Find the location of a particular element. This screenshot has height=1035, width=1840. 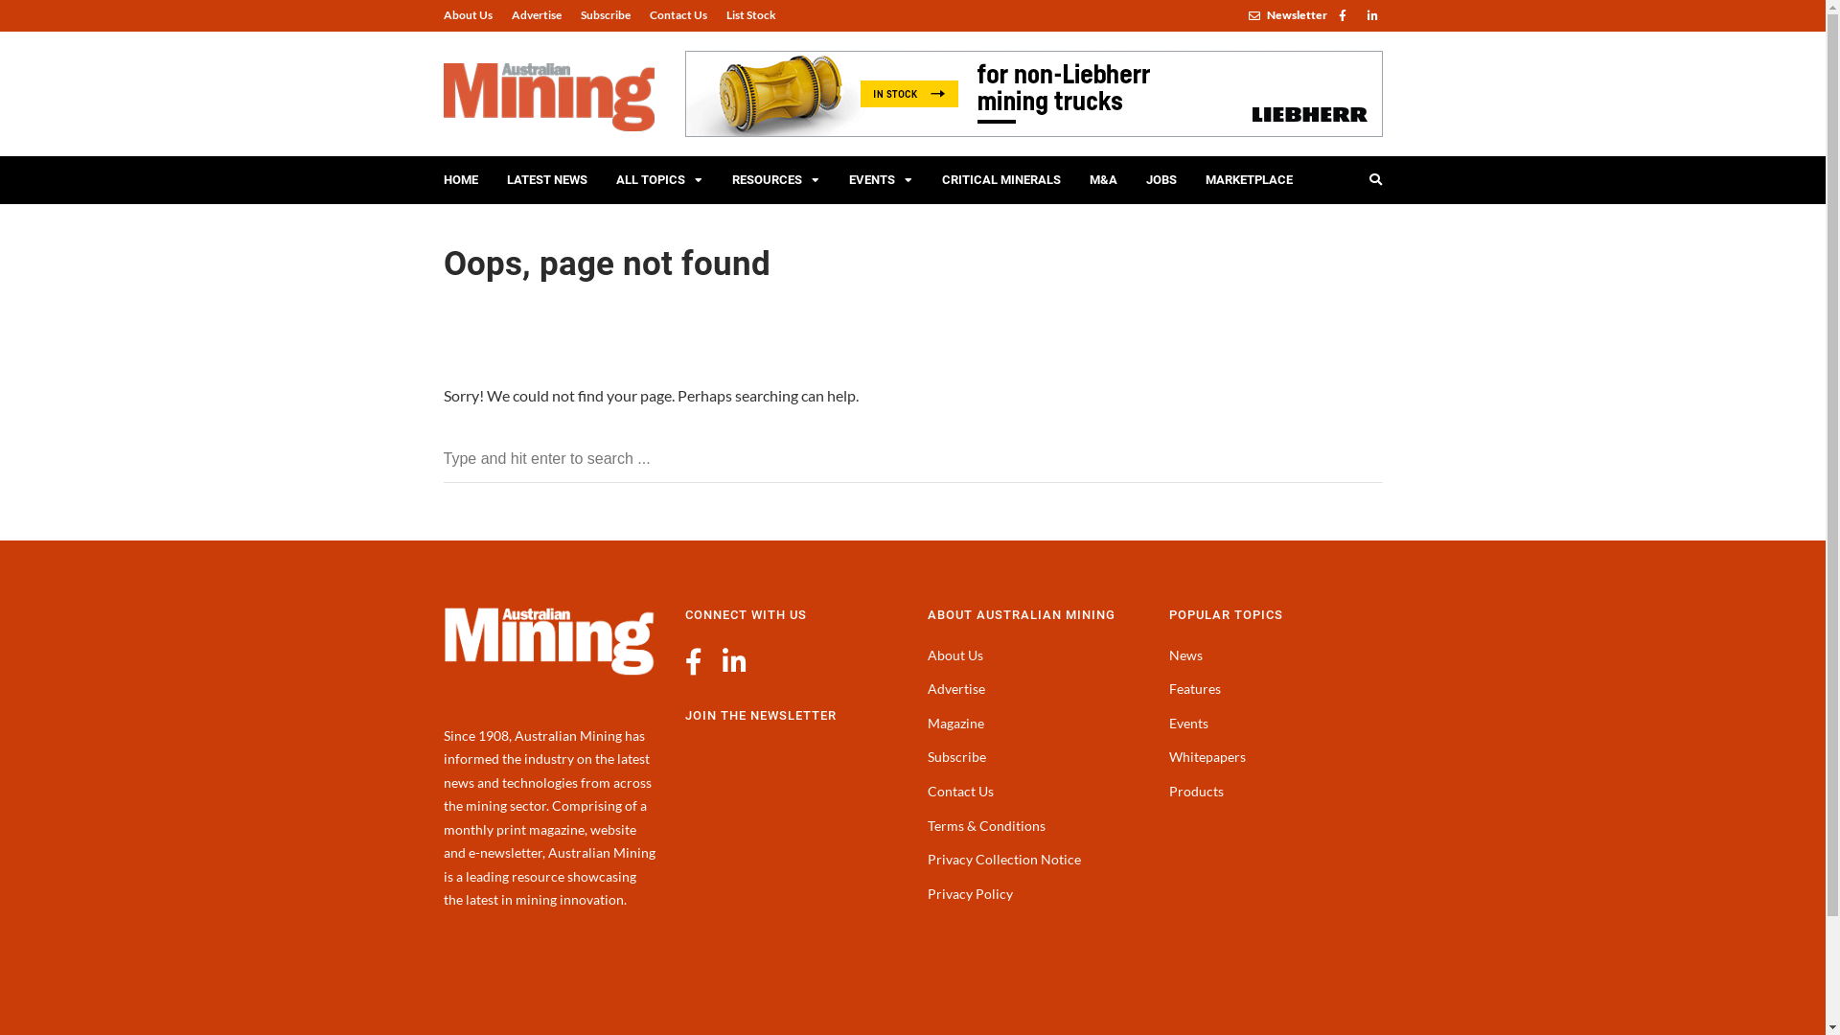

'M&A' is located at coordinates (1103, 180).